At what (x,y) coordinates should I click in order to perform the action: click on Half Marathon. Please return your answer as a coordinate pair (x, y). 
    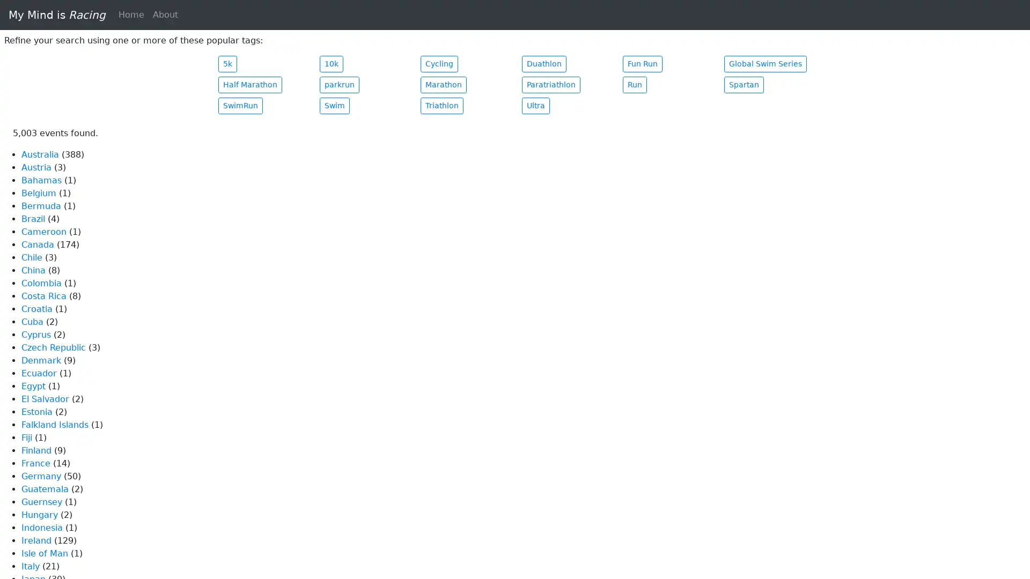
    Looking at the image, I should click on (249, 84).